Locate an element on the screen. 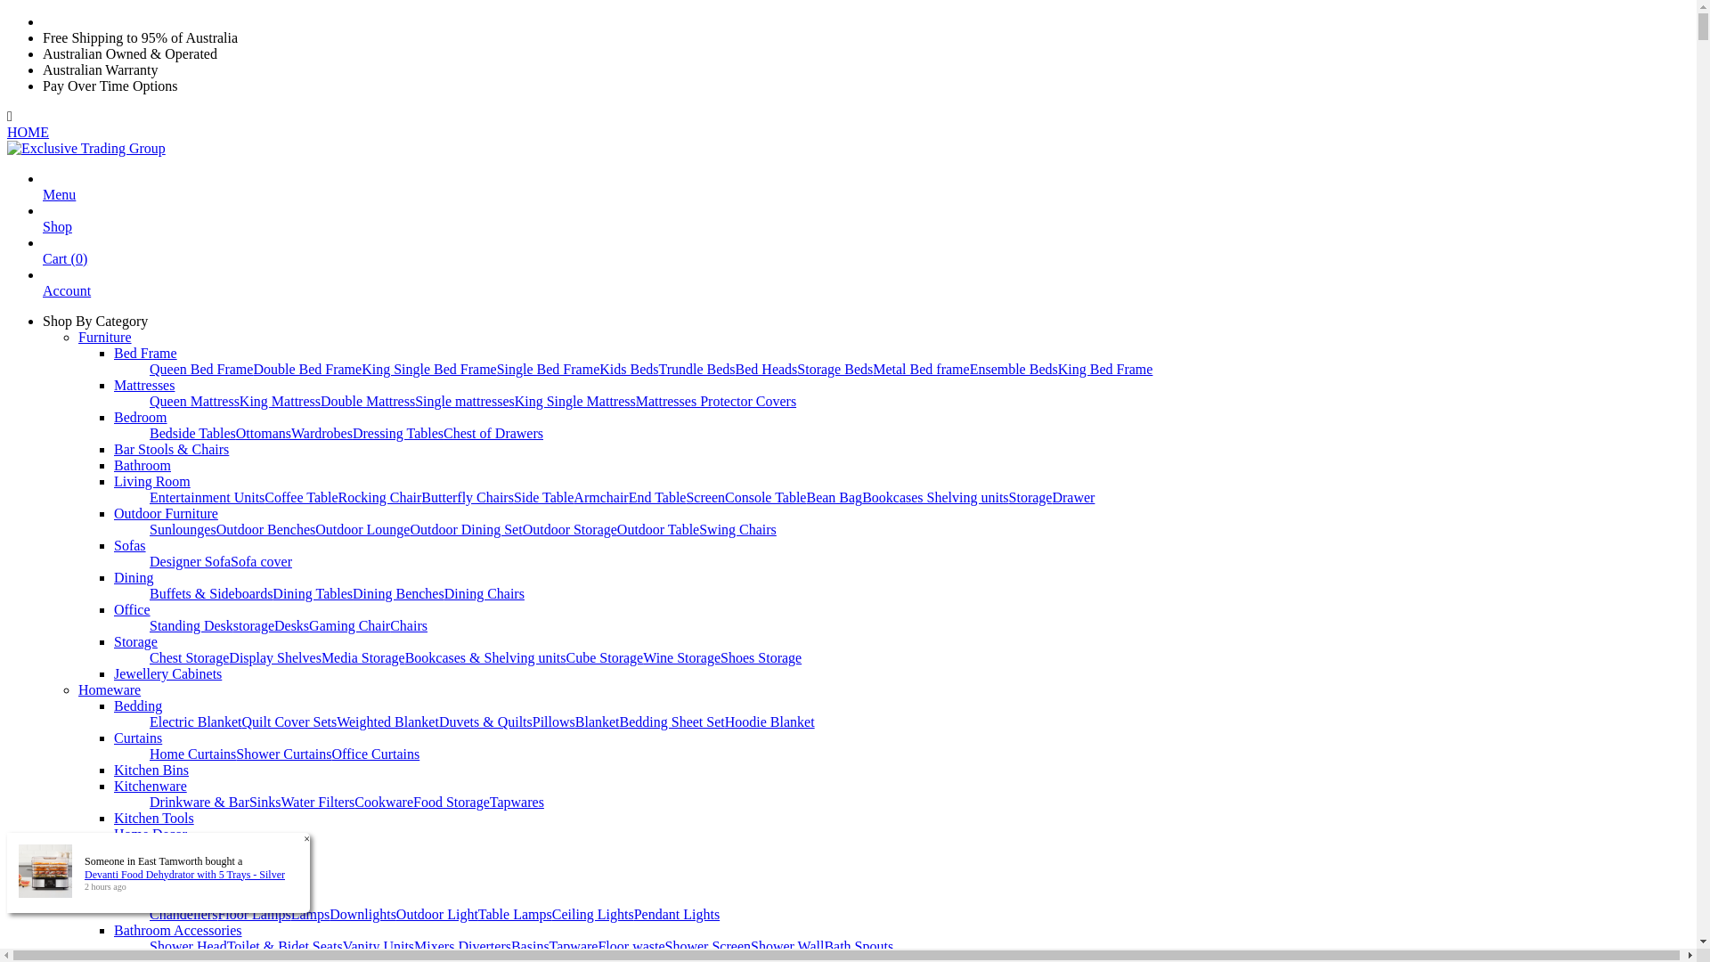 The image size is (1710, 962). 'Electric Blanket' is located at coordinates (196, 721).